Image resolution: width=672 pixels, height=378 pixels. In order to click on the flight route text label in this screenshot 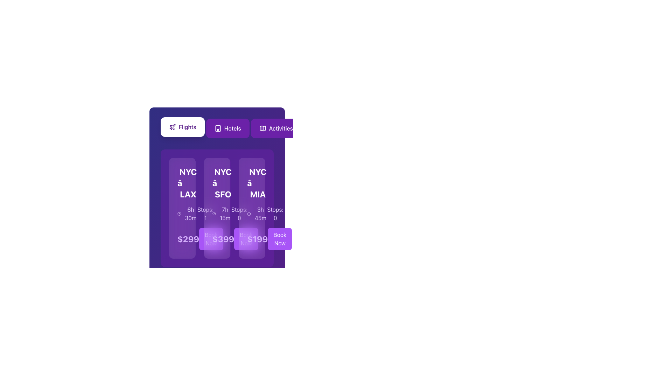, I will do `click(188, 183)`.